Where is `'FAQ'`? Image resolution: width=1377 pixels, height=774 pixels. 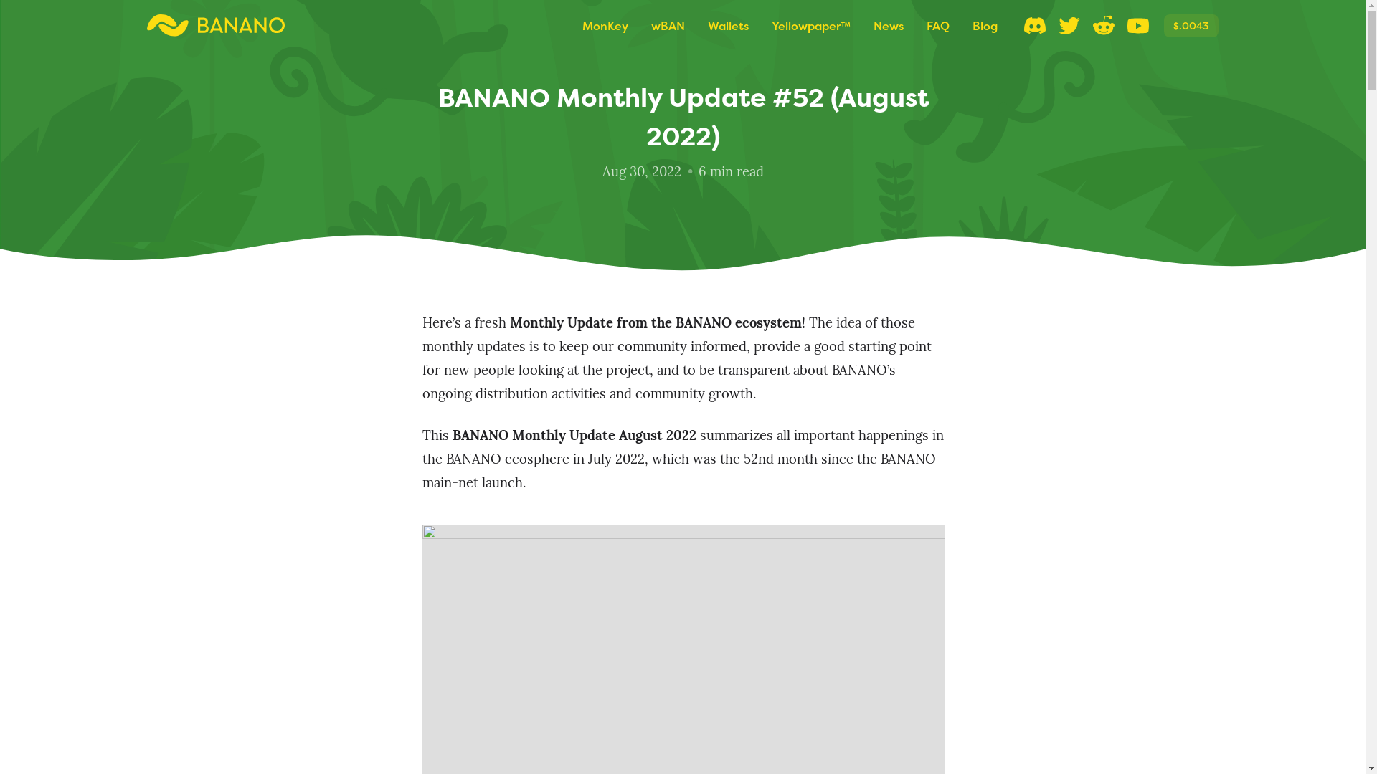
'FAQ' is located at coordinates (937, 26).